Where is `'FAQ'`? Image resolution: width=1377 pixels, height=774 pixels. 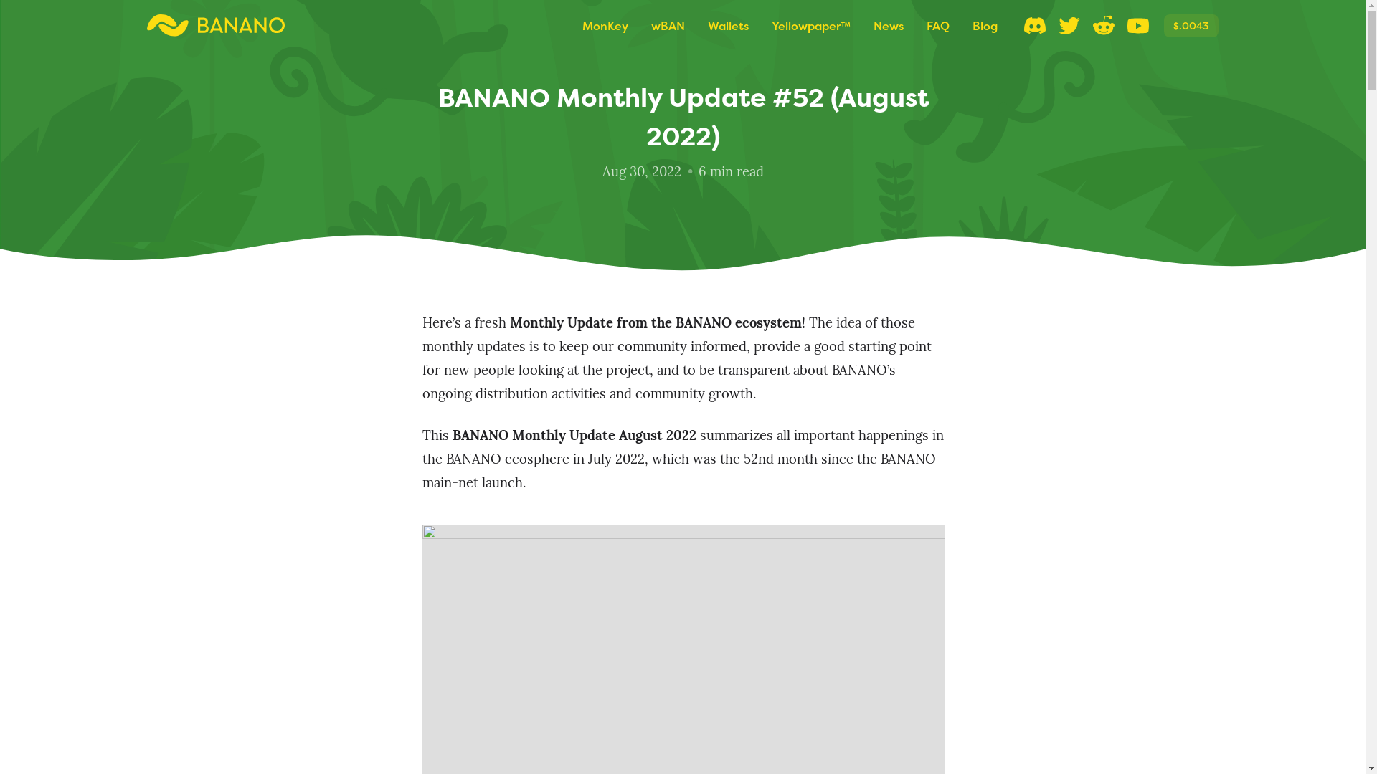
'FAQ' is located at coordinates (937, 26).